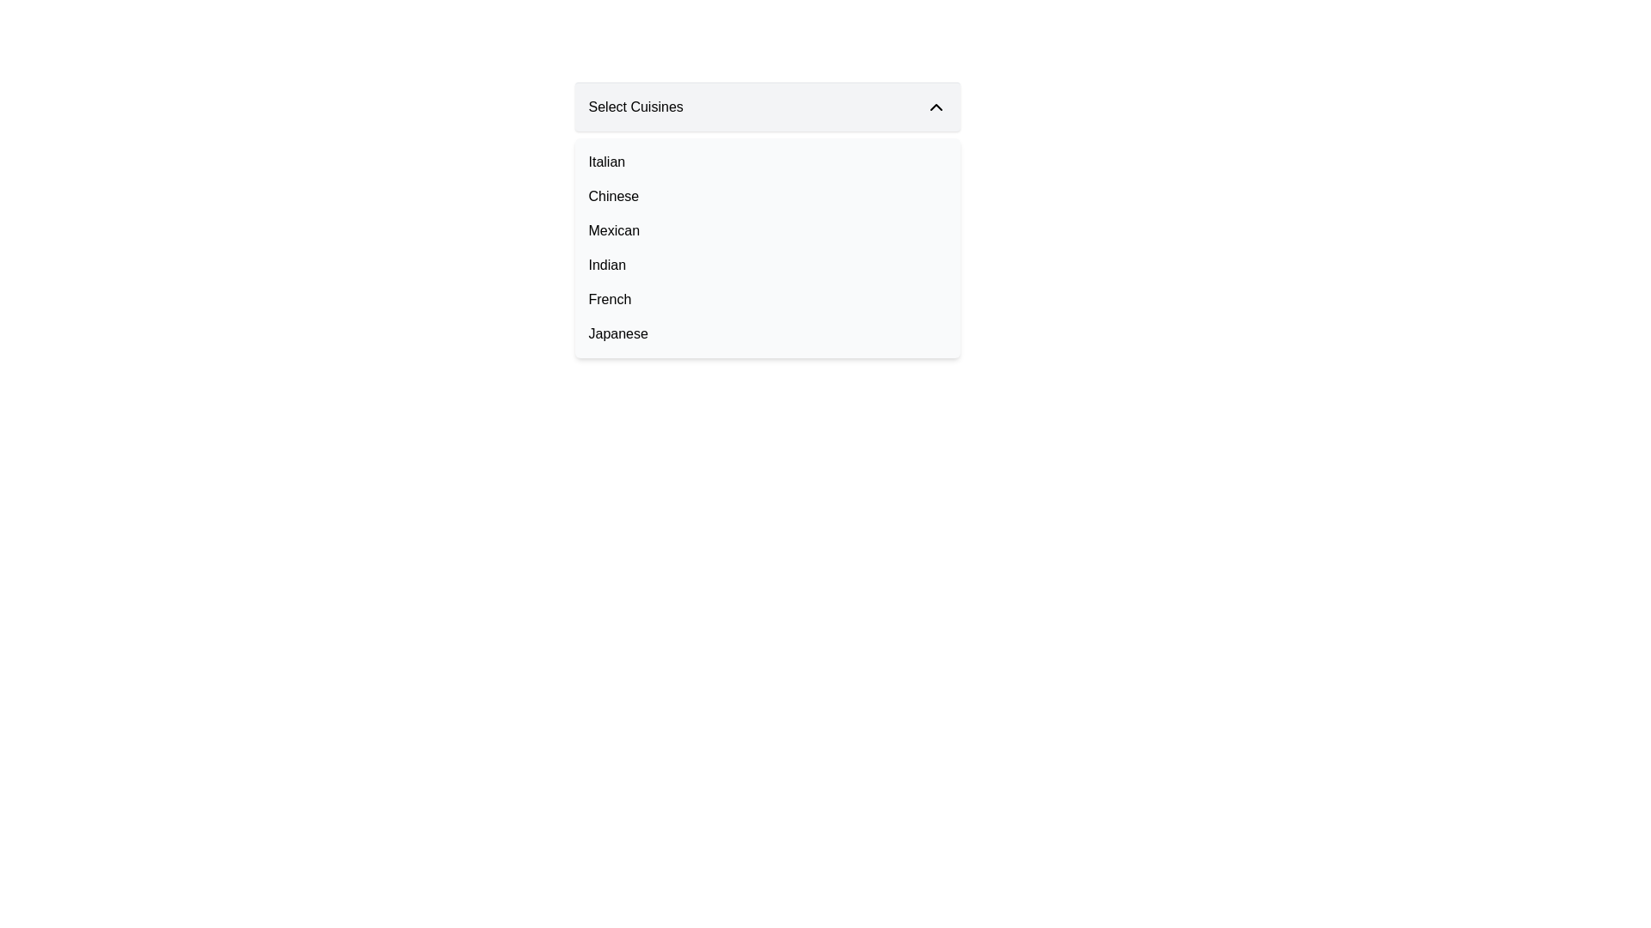 The image size is (1651, 928). I want to click on the centrally placed dropdown menu, so click(766, 219).